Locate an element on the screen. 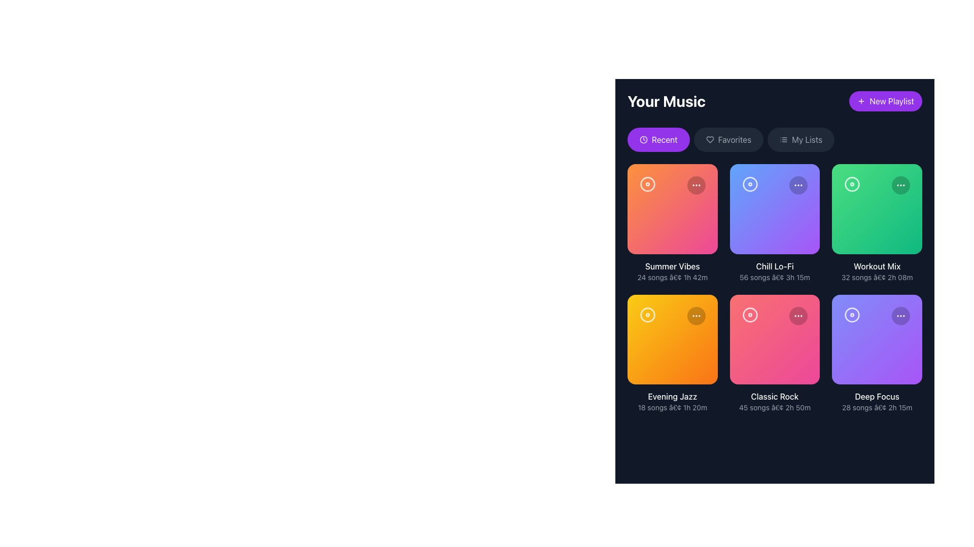  the small icon representing a list with three horizontal lines, located to the left of the 'My Lists' text in the rounded rectangular button at the top section of the layout is located at coordinates (783, 140).